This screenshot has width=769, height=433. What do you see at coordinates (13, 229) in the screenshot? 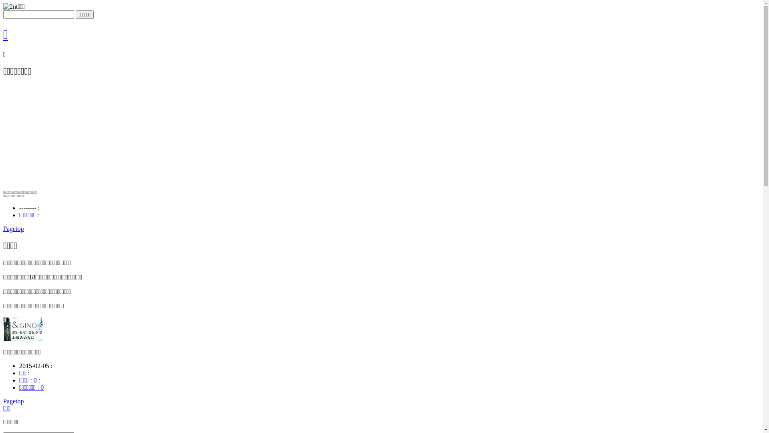
I see `'Pagetop'` at bounding box center [13, 229].